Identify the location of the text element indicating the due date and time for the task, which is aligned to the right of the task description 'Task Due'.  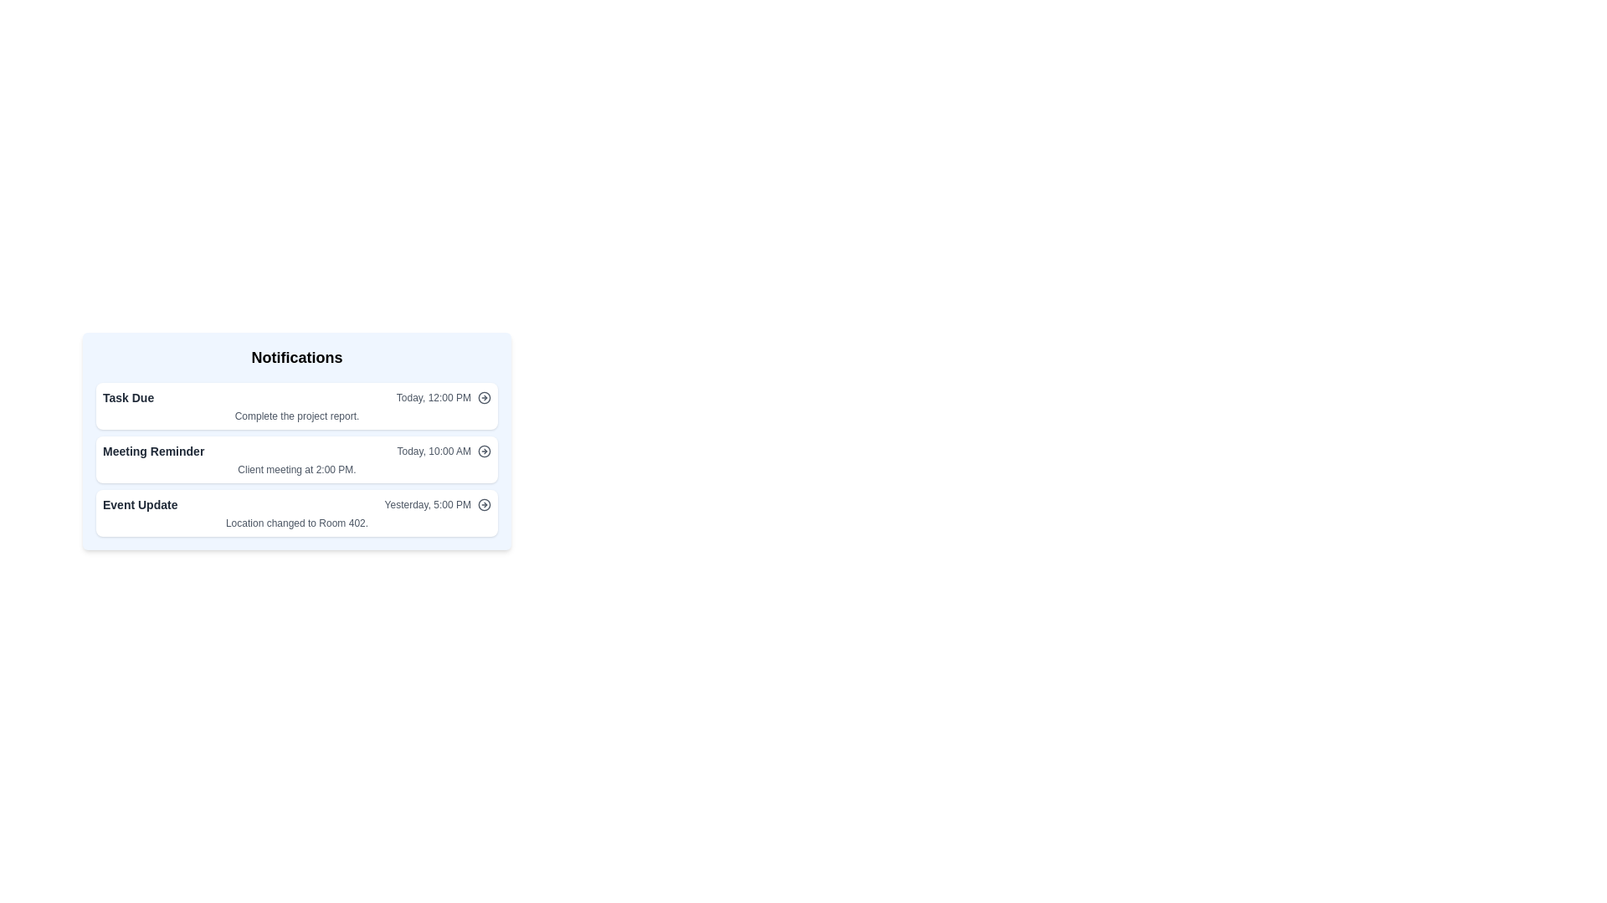
(444, 397).